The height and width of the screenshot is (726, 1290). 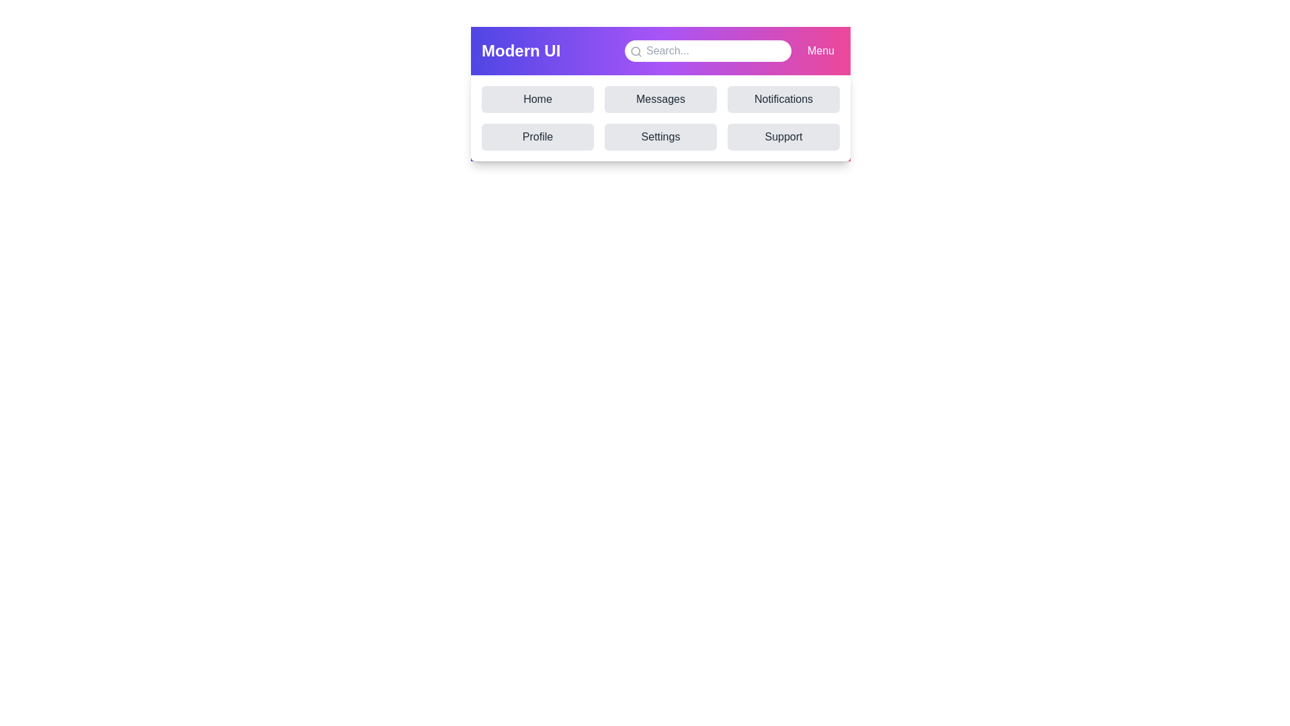 What do you see at coordinates (660, 98) in the screenshot?
I see `the navigation item Messages to simulate navigation` at bounding box center [660, 98].